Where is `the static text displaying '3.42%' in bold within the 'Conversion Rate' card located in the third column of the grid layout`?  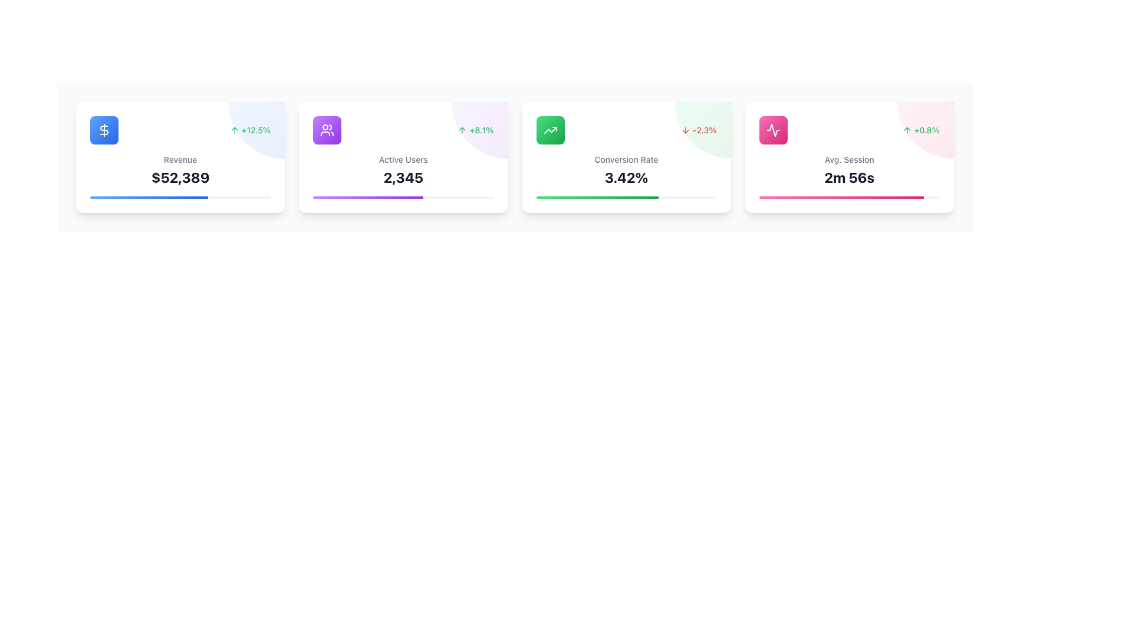 the static text displaying '3.42%' in bold within the 'Conversion Rate' card located in the third column of the grid layout is located at coordinates (626, 177).